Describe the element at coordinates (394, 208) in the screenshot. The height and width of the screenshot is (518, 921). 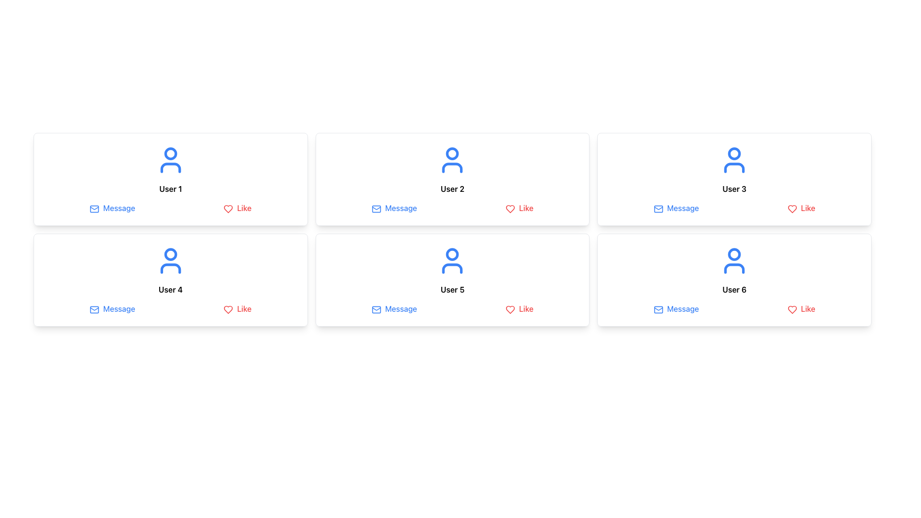
I see `the 'Message' button located below the 'User 2' label in the second card of the top row` at that location.